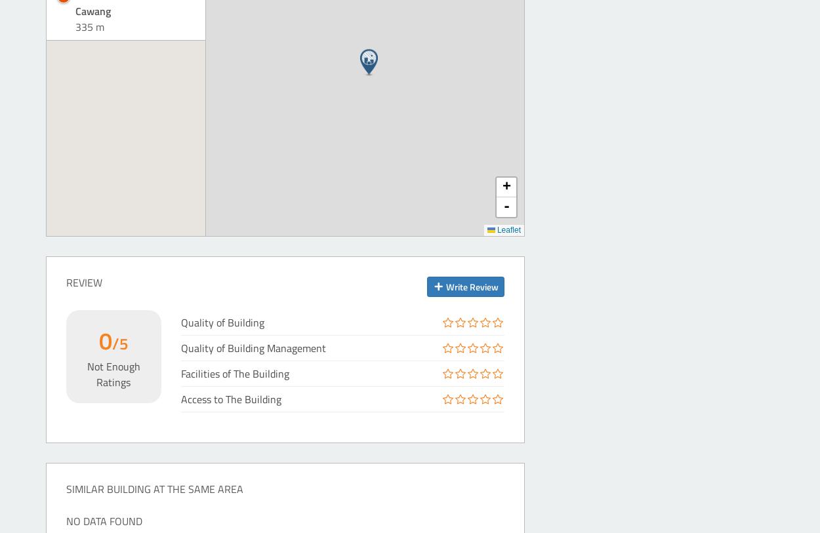 Image resolution: width=820 pixels, height=533 pixels. What do you see at coordinates (66, 520) in the screenshot?
I see `'NO DATA FOUND'` at bounding box center [66, 520].